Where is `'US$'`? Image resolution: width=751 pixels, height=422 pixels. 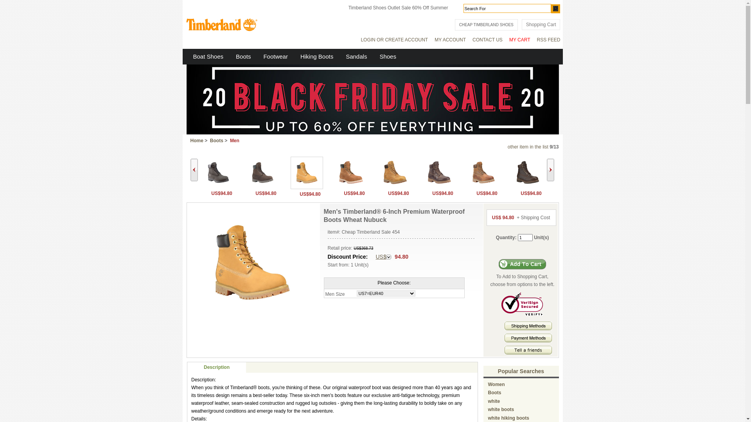
'US$' is located at coordinates (383, 257).